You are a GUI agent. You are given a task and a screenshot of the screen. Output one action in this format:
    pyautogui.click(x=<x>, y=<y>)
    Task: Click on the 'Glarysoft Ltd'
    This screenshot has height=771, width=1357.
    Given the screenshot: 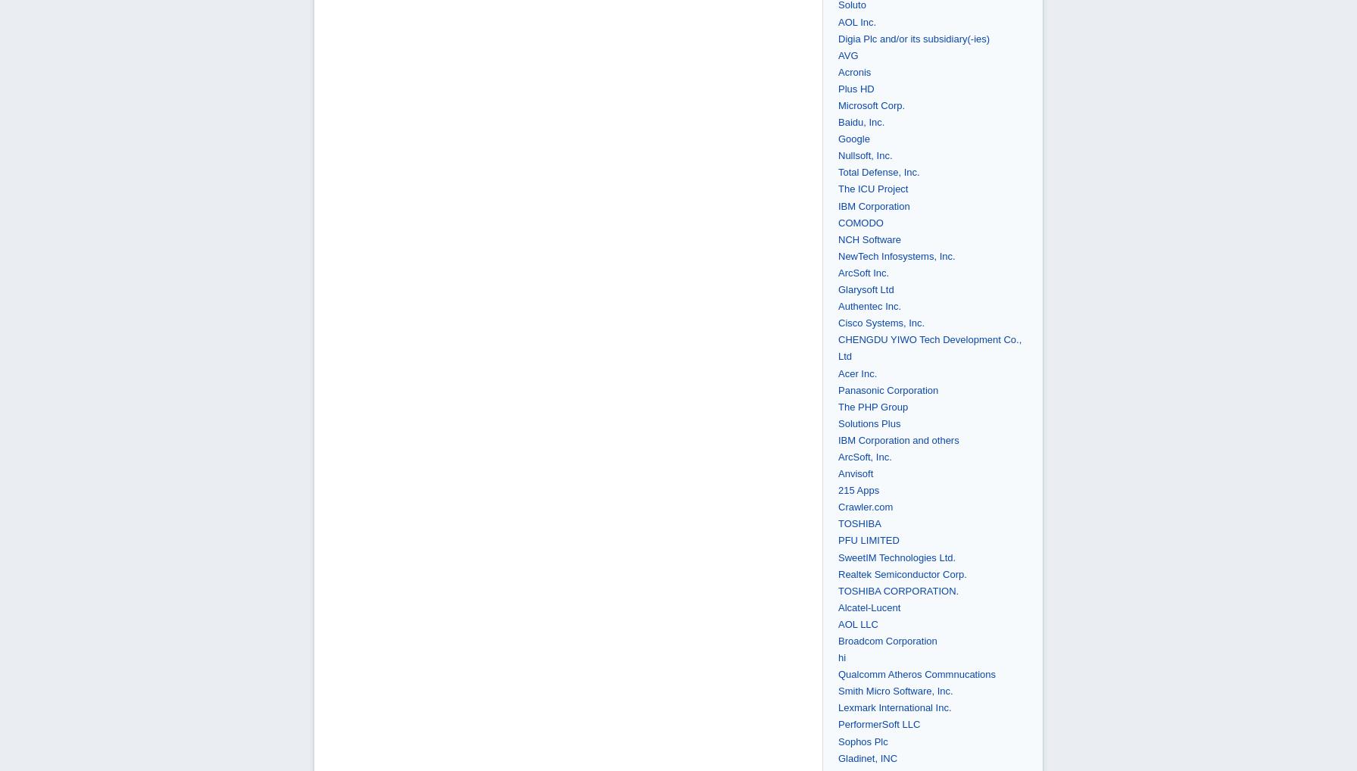 What is the action you would take?
    pyautogui.click(x=838, y=289)
    